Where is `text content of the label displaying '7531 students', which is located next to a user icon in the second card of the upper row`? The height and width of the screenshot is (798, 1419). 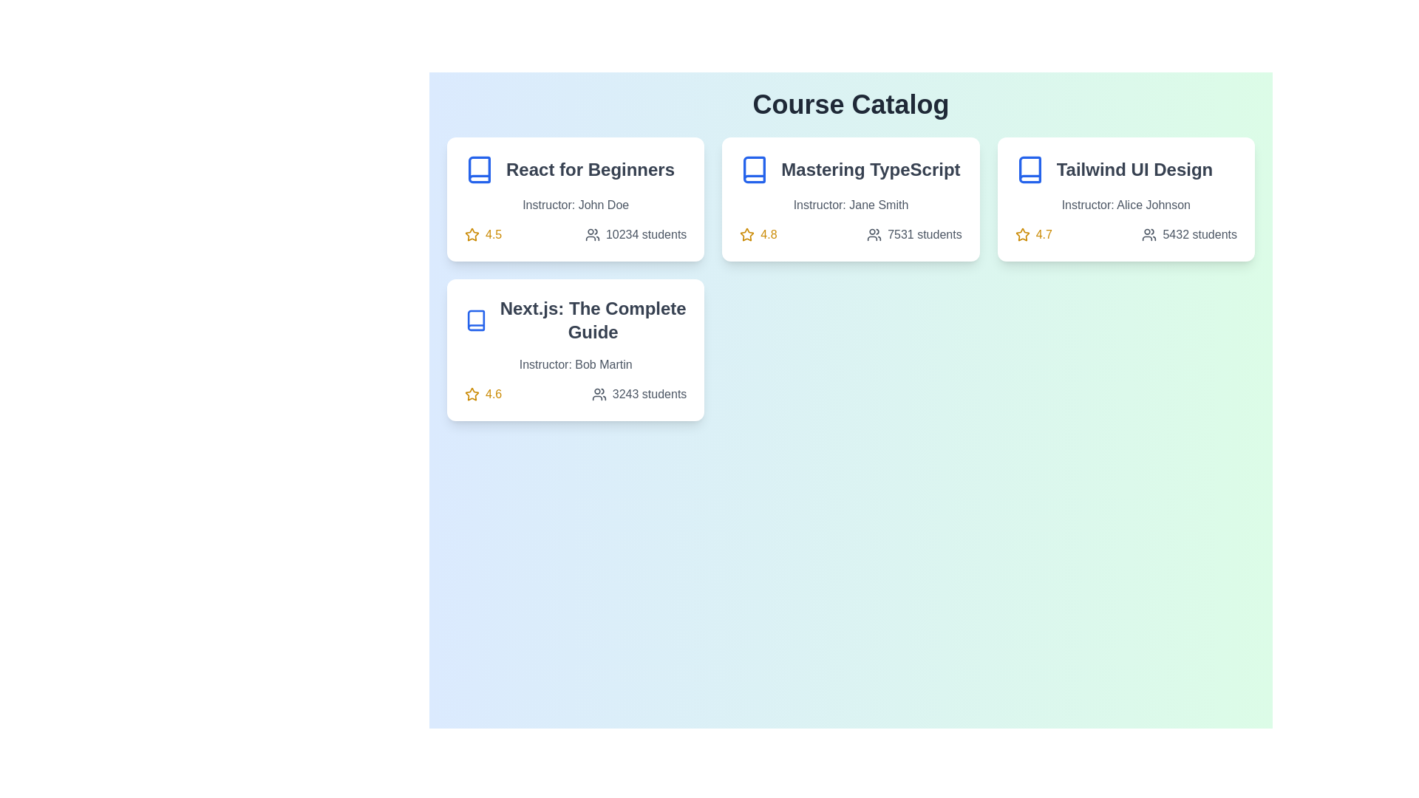 text content of the label displaying '7531 students', which is located next to a user icon in the second card of the upper row is located at coordinates (924, 233).